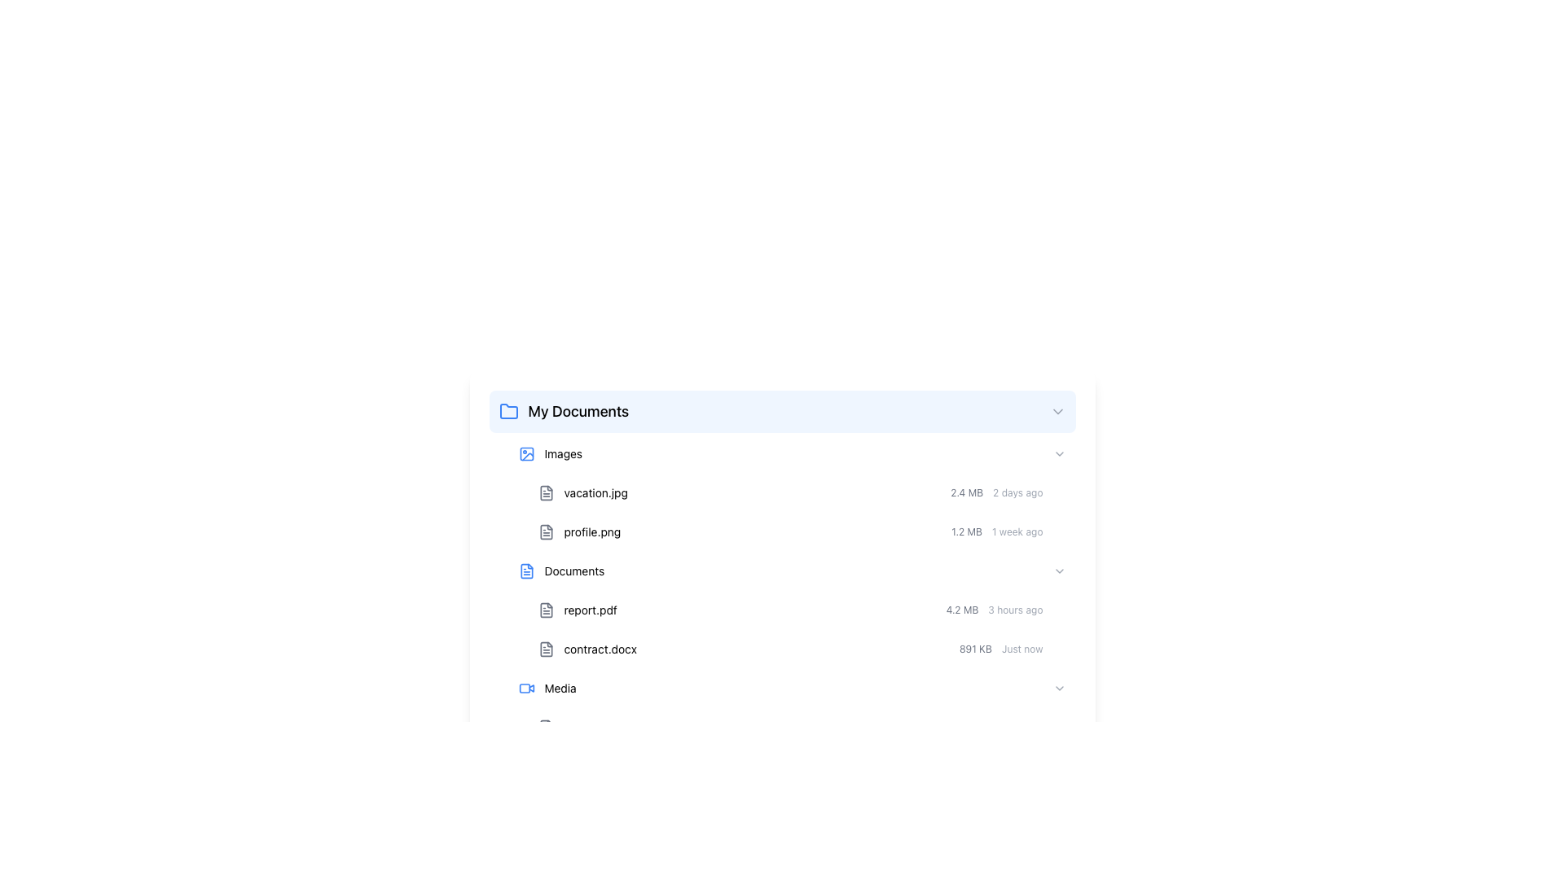 This screenshot has height=879, width=1564. I want to click on the 'Documents' folder icon or text in the second row of the list view under 'My Documents', so click(561, 571).